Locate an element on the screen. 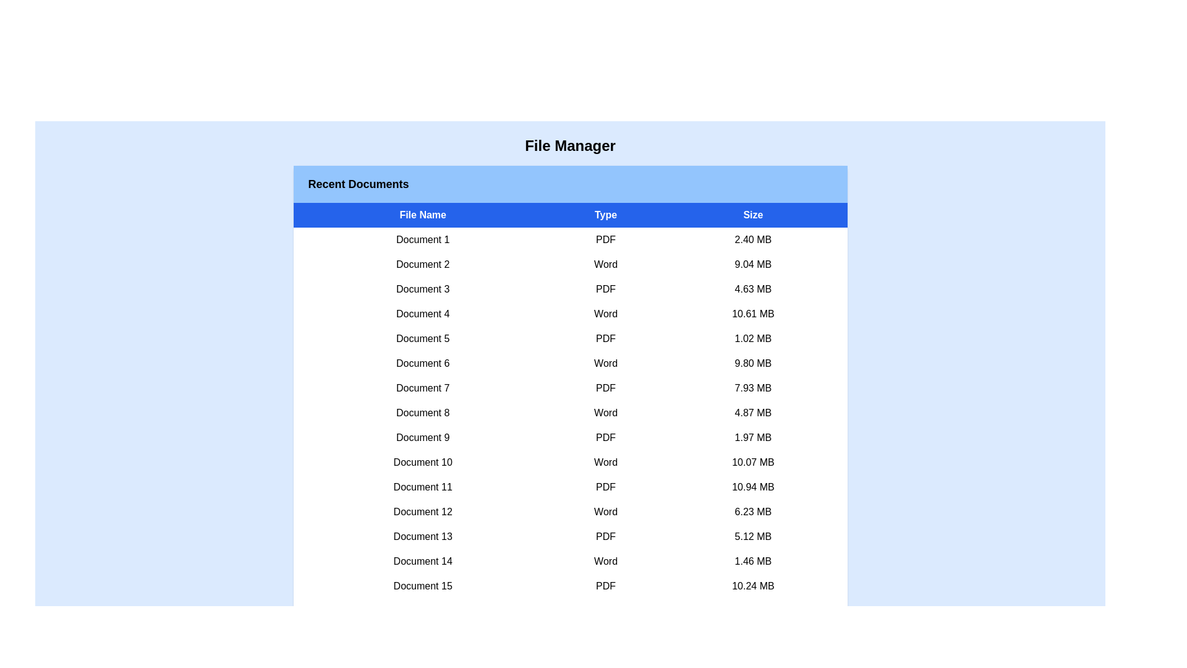 This screenshot has width=1187, height=668. the column header to sort files by File Name is located at coordinates (423, 214).